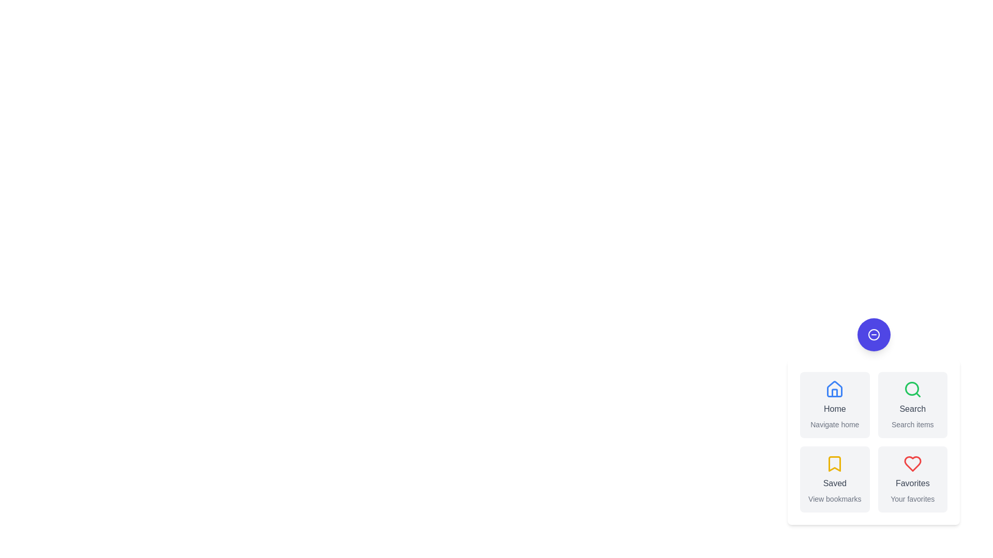  What do you see at coordinates (873, 335) in the screenshot?
I see `the toggle button to open or close the SpeedDial menu` at bounding box center [873, 335].